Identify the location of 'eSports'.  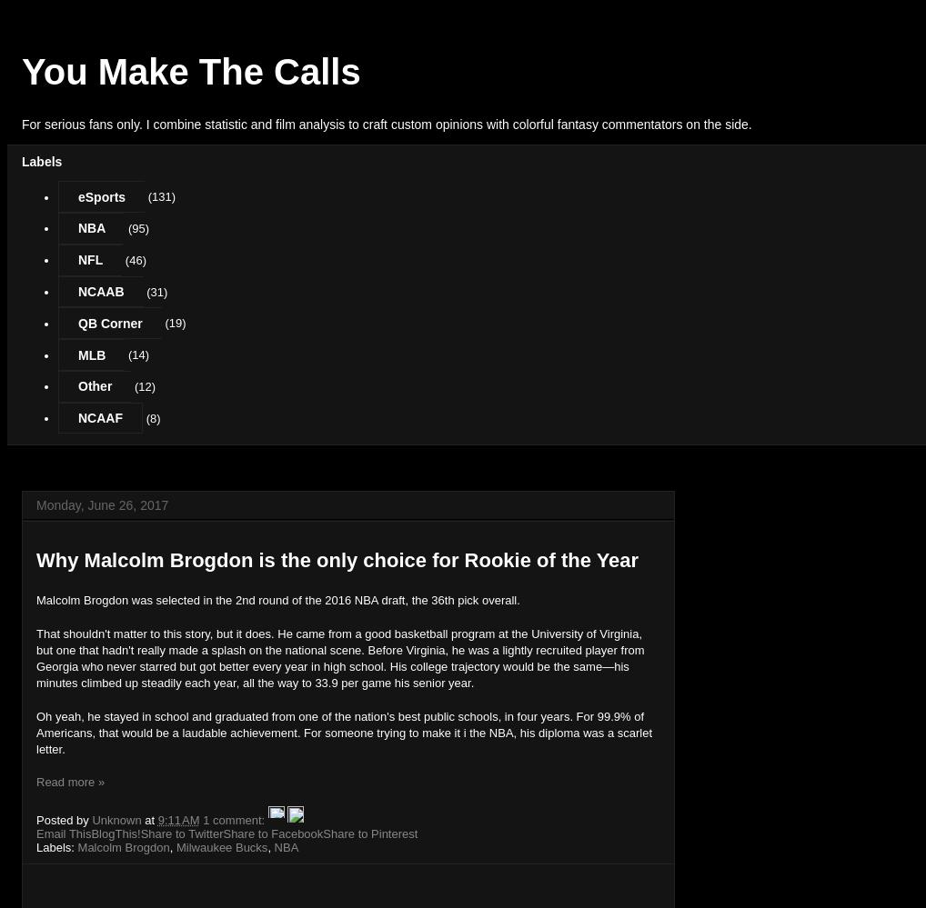
(100, 195).